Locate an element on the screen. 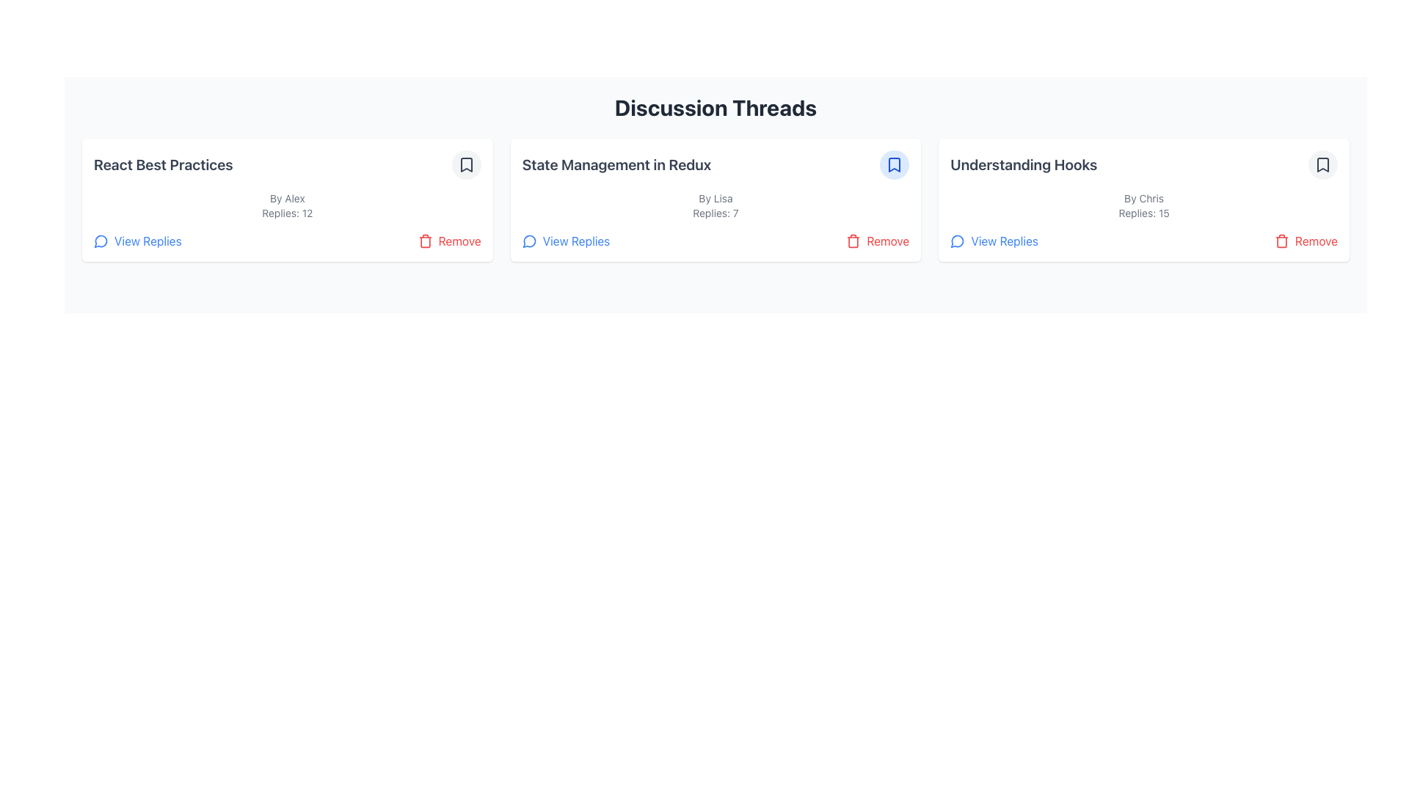  the 'View Replies' button in the interactive button group located at the bottom of the discussion card titled 'State Management in Redux' is located at coordinates (716, 240).